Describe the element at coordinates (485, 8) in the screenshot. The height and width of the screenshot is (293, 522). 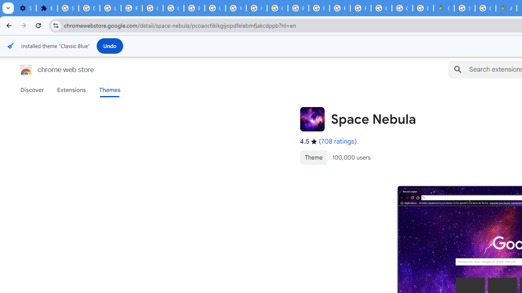
I see `'Create your Google Account'` at that location.